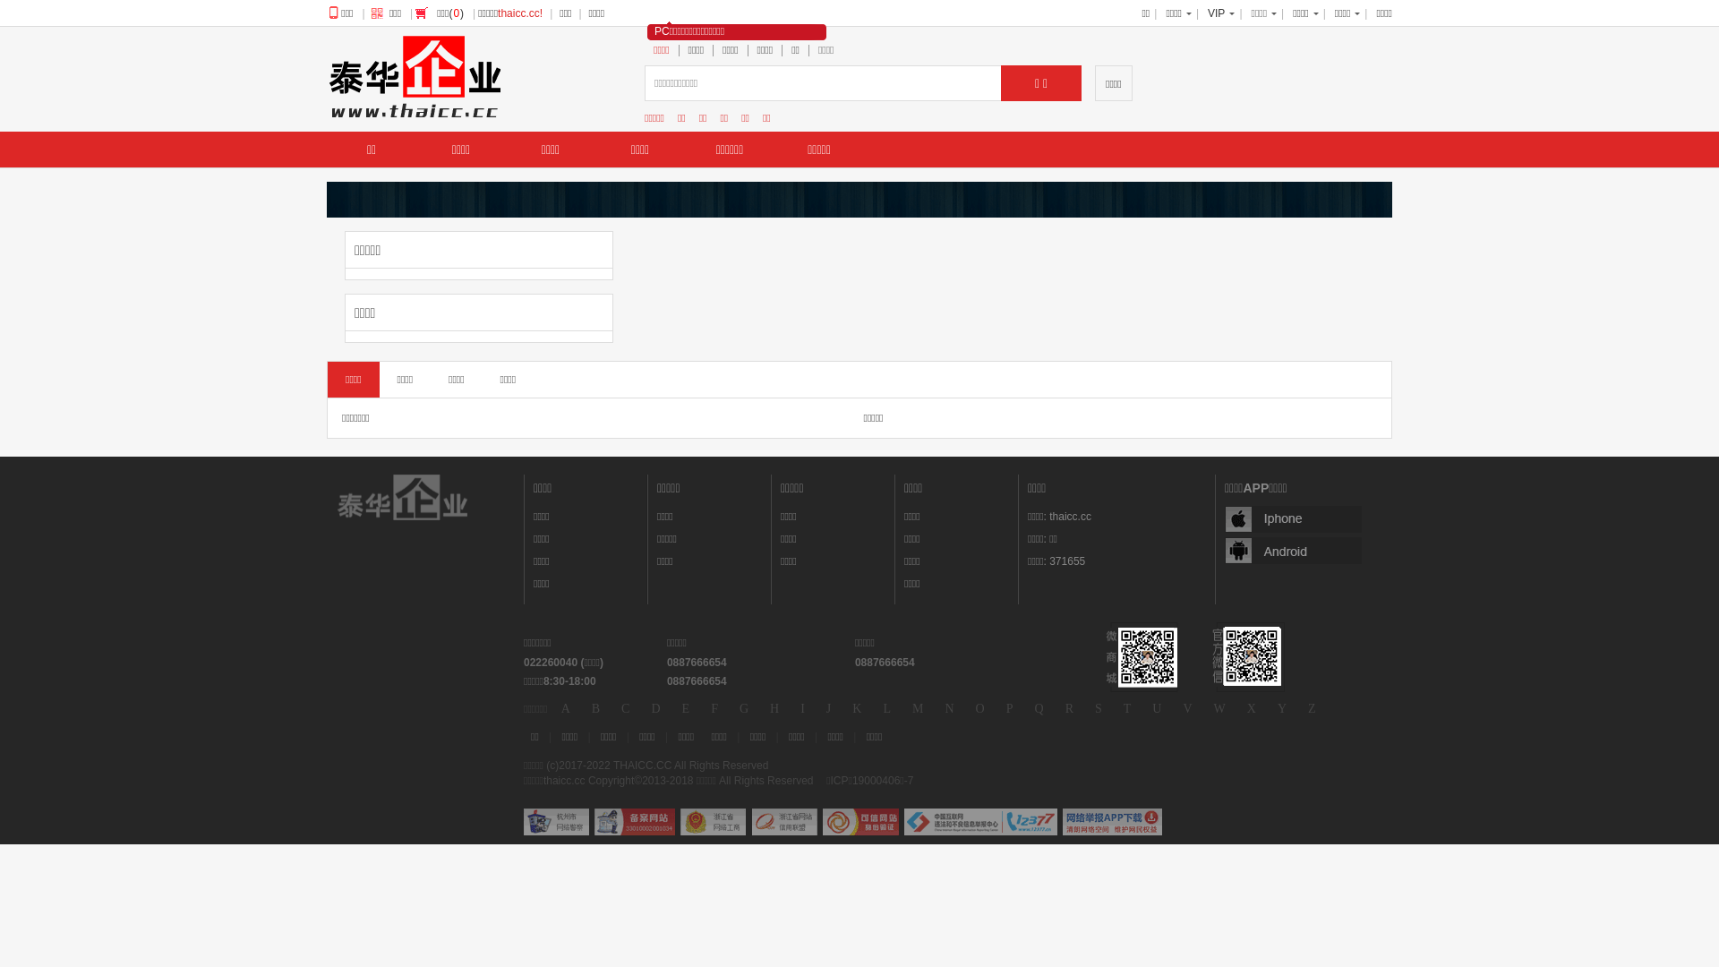  Describe the element at coordinates (1312, 707) in the screenshot. I see `'Z'` at that location.